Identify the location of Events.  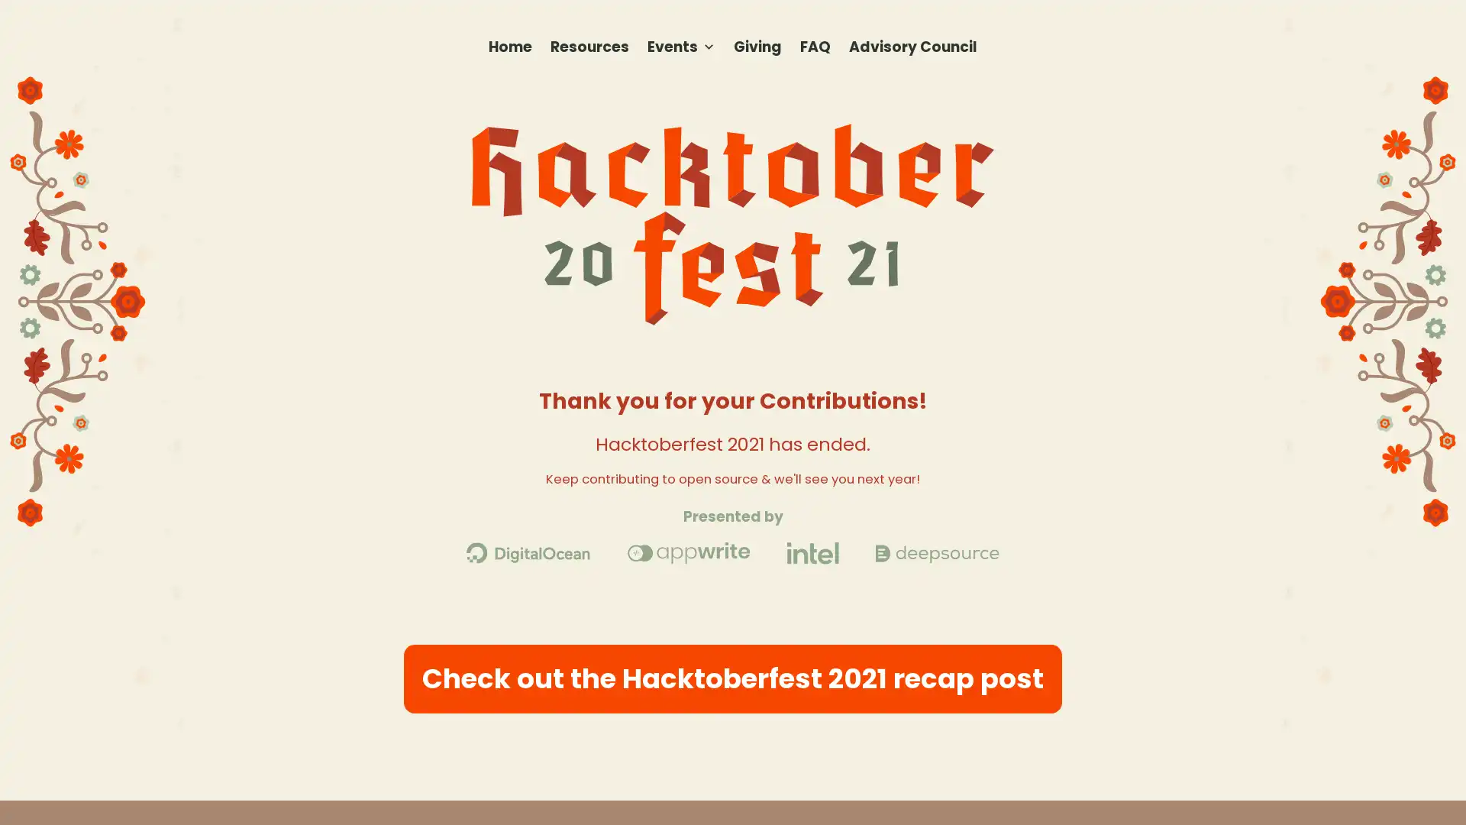
(680, 46).